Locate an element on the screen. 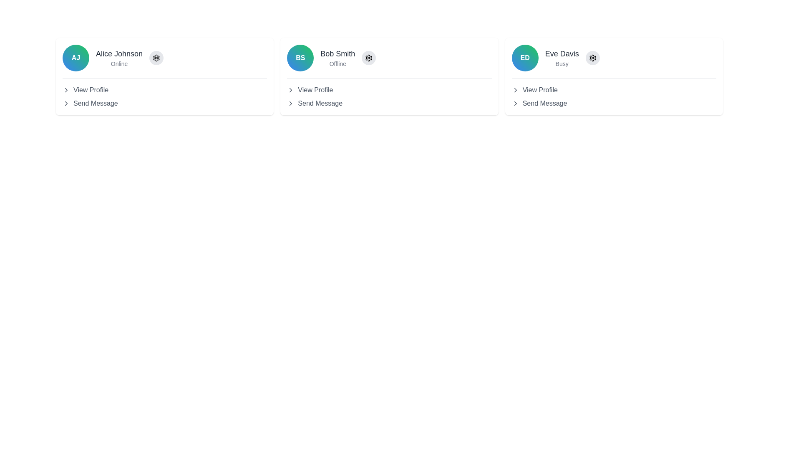  the 'View Profile' option in the list of actionable items located under the 'Alice Johnson' profile card is located at coordinates (165, 96).